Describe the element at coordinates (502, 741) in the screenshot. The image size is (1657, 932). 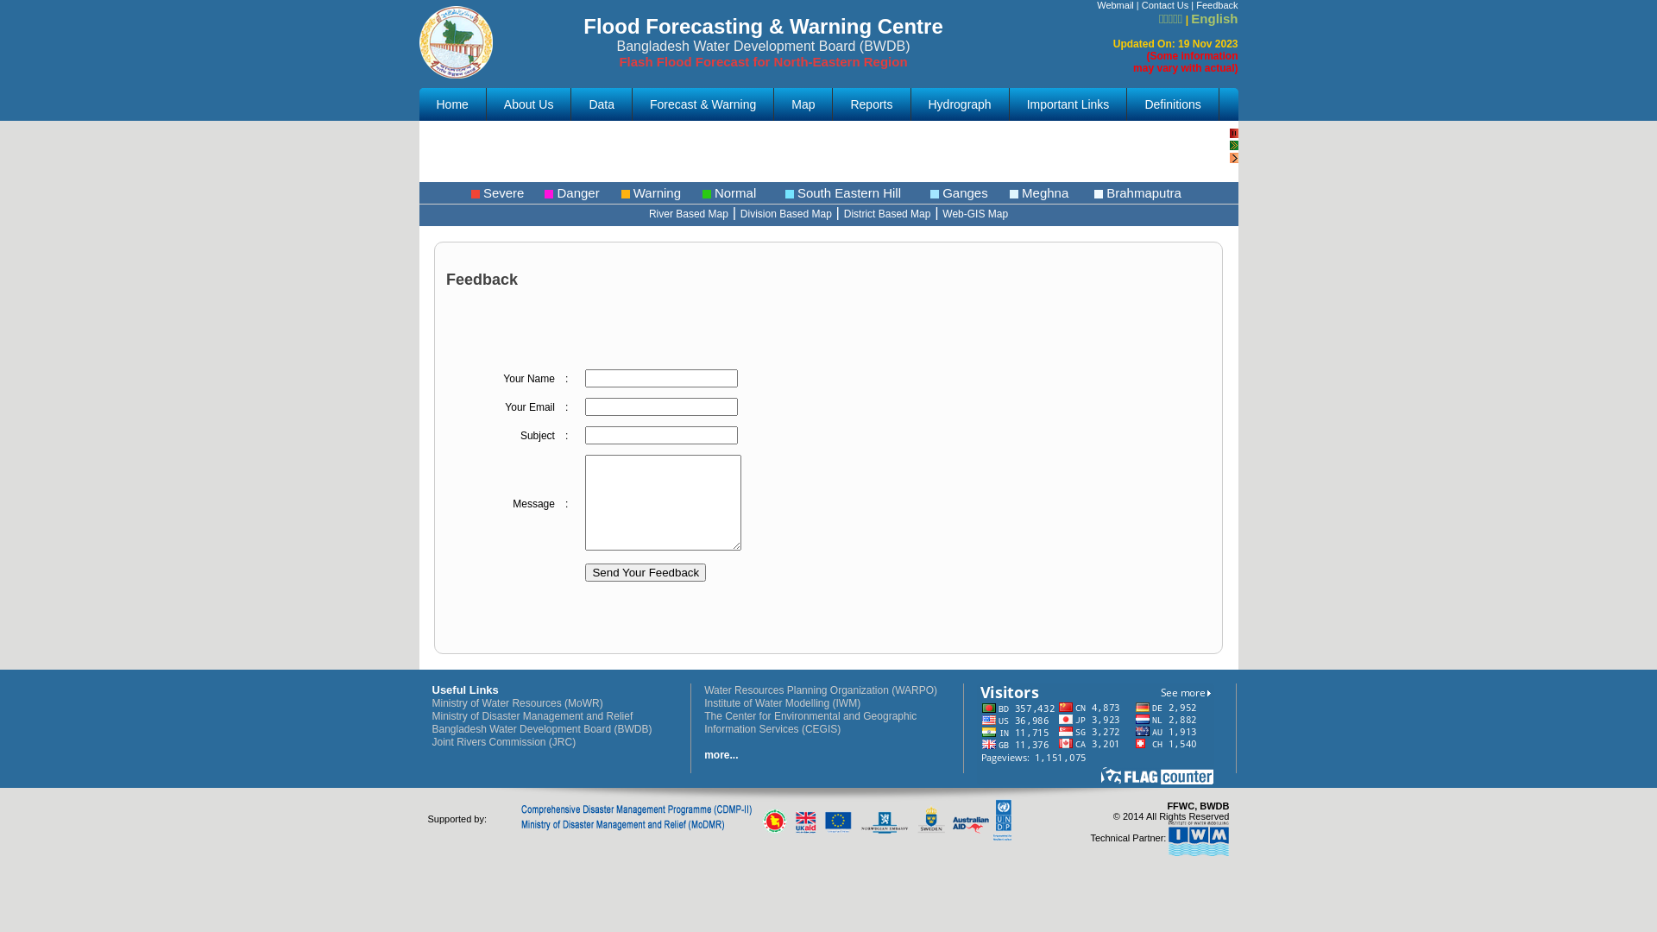
I see `'Joint Rivers Commission (JRC)'` at that location.